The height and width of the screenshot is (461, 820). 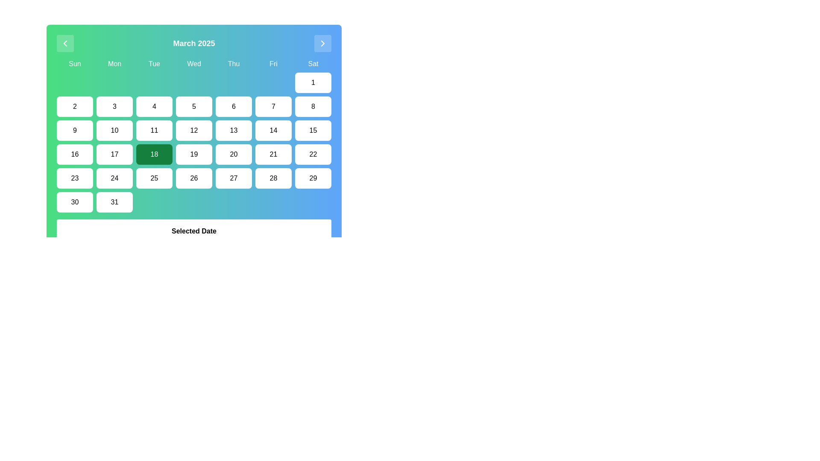 What do you see at coordinates (193, 125) in the screenshot?
I see `the button representing the 12th day in the displayed month` at bounding box center [193, 125].